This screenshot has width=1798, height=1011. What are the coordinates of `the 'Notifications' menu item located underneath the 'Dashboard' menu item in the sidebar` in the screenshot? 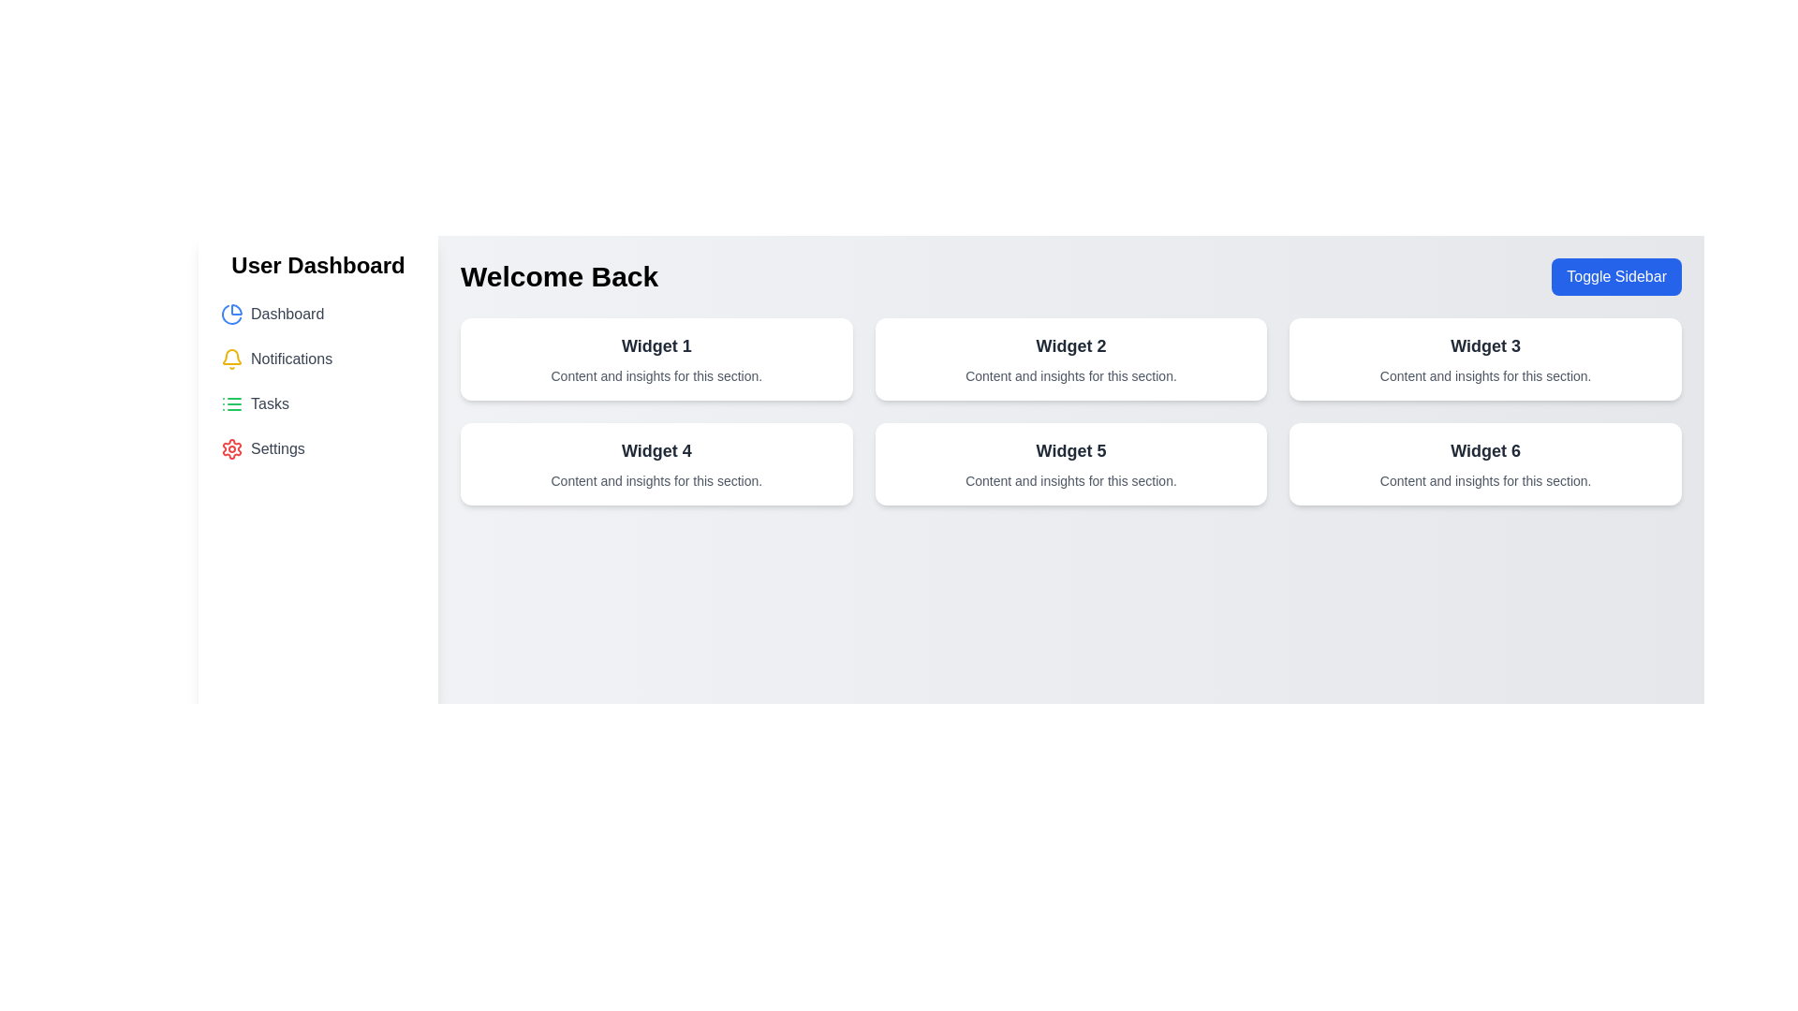 It's located at (318, 381).